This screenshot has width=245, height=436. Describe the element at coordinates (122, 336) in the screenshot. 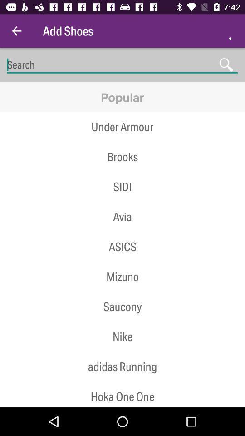

I see `the nike icon` at that location.